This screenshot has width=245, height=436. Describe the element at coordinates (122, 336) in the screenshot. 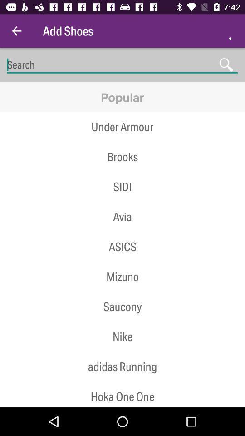

I see `the nike icon` at that location.